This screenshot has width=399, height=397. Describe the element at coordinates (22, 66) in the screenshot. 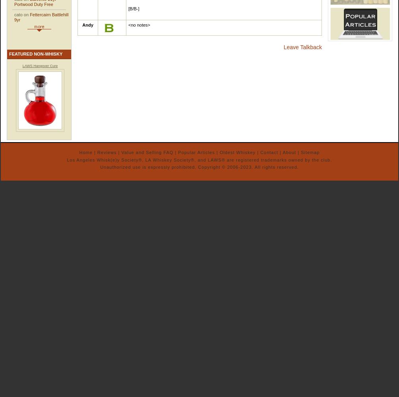

I see `'LAWS Hangover Cure'` at that location.